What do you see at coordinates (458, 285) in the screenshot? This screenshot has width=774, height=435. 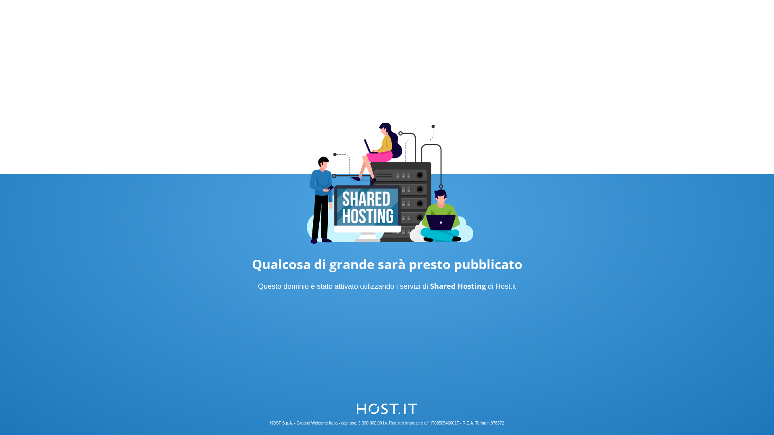 I see `'Shared Hosting'` at bounding box center [458, 285].